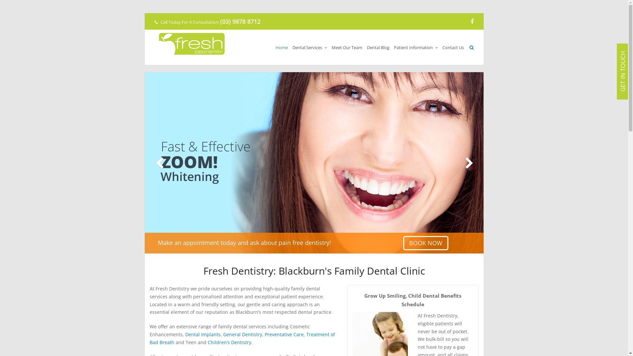  Describe the element at coordinates (189, 46) in the screenshot. I see `'Fresh Dentistry'` at that location.